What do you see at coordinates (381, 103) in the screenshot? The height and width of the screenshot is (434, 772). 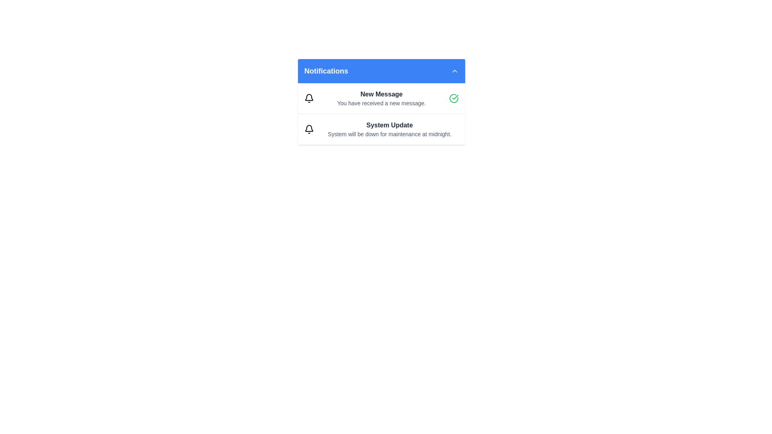 I see `the text label displaying 'You have received a new message.' which is positioned below the 'New Message' heading in the notification card` at bounding box center [381, 103].